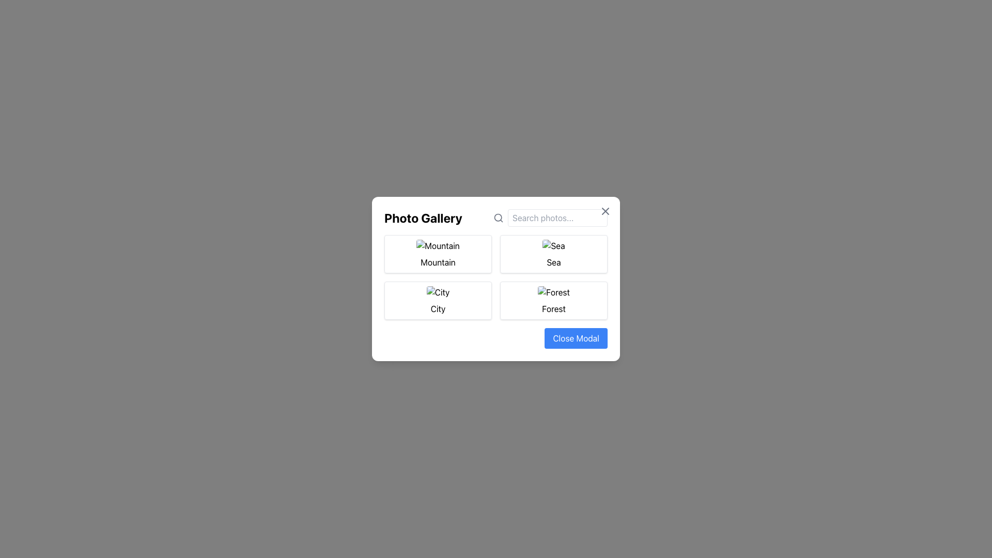  Describe the element at coordinates (576, 338) in the screenshot. I see `the close button located in the lower right corner of the modal dialog to change its background color` at that location.